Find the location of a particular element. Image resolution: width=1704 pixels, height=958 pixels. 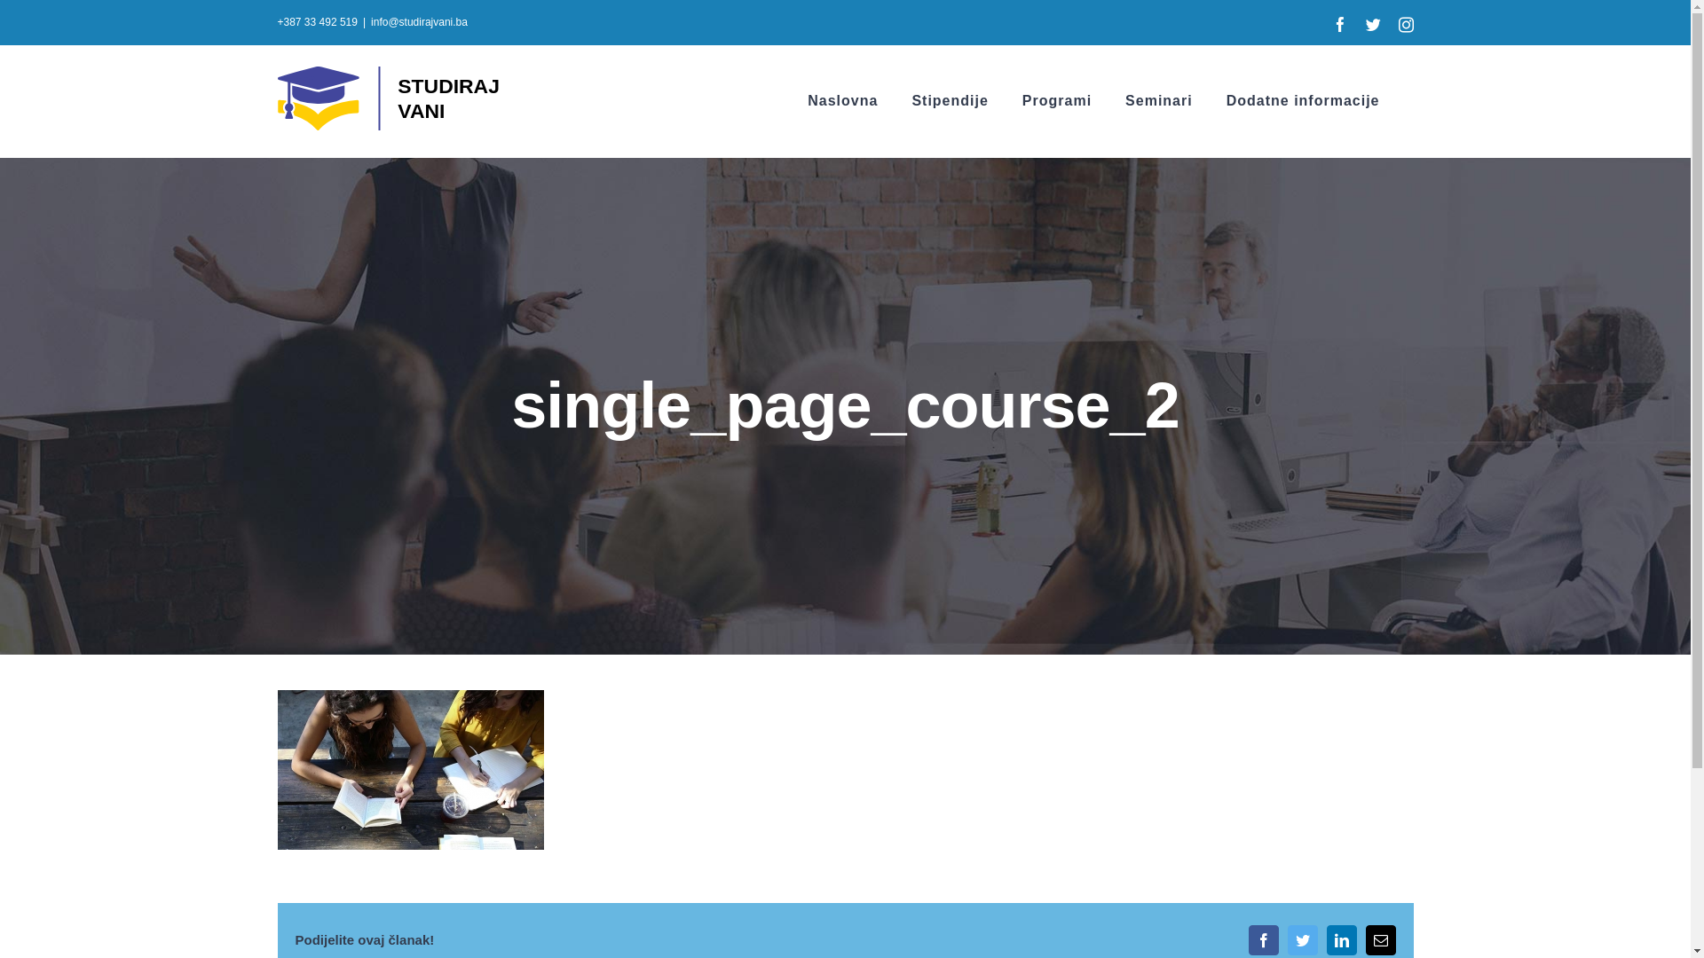

'Instagram' is located at coordinates (1405, 24).